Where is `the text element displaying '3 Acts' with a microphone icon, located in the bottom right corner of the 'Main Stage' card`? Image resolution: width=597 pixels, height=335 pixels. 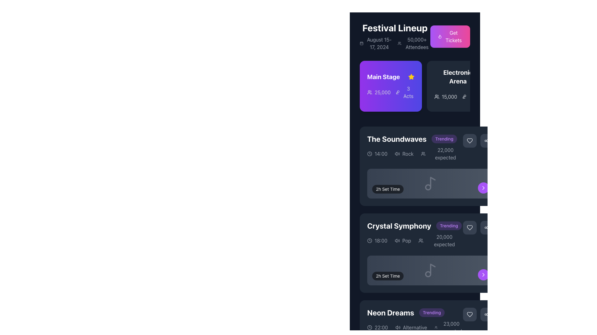
the text element displaying '3 Acts' with a microphone icon, located in the bottom right corner of the 'Main Stage' card is located at coordinates (405, 92).